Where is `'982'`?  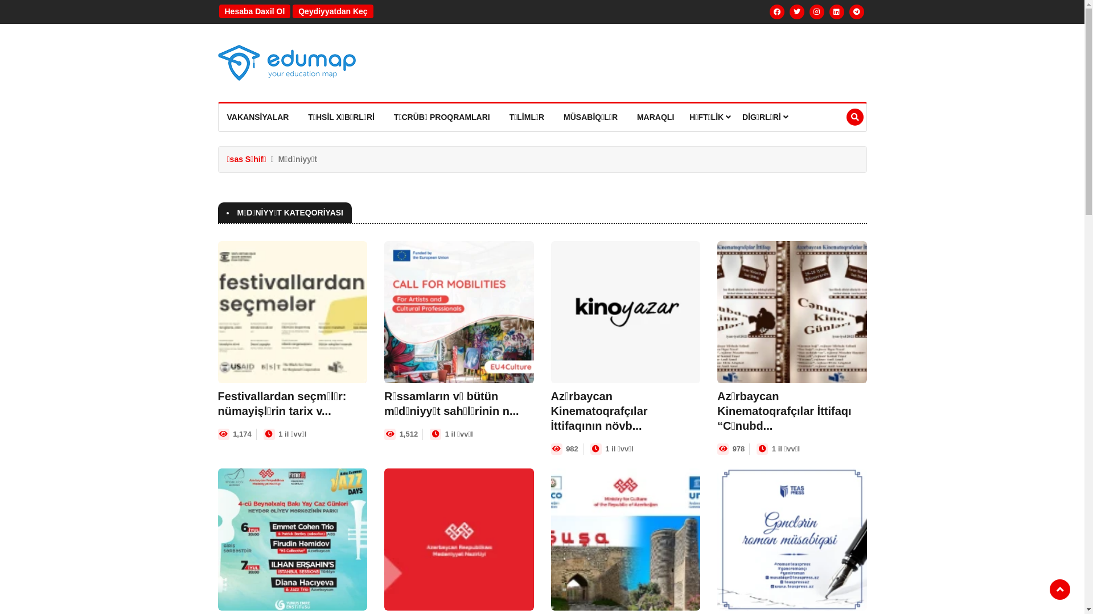 '982' is located at coordinates (572, 448).